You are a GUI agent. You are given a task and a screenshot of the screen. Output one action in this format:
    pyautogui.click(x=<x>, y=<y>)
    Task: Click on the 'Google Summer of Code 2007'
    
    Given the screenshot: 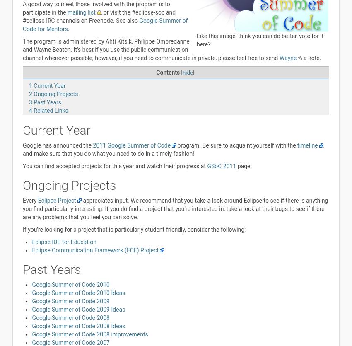 What is the action you would take?
    pyautogui.click(x=70, y=341)
    